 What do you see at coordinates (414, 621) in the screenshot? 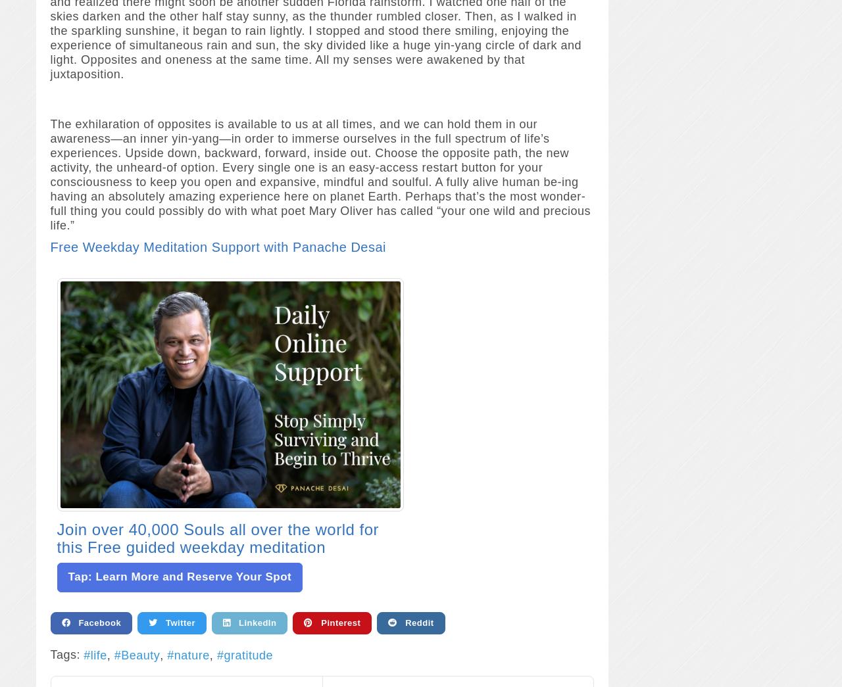
I see `'Reddit'` at bounding box center [414, 621].